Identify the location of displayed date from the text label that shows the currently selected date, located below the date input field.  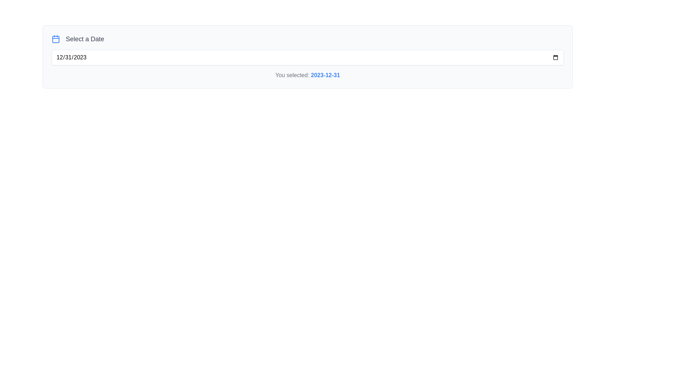
(307, 75).